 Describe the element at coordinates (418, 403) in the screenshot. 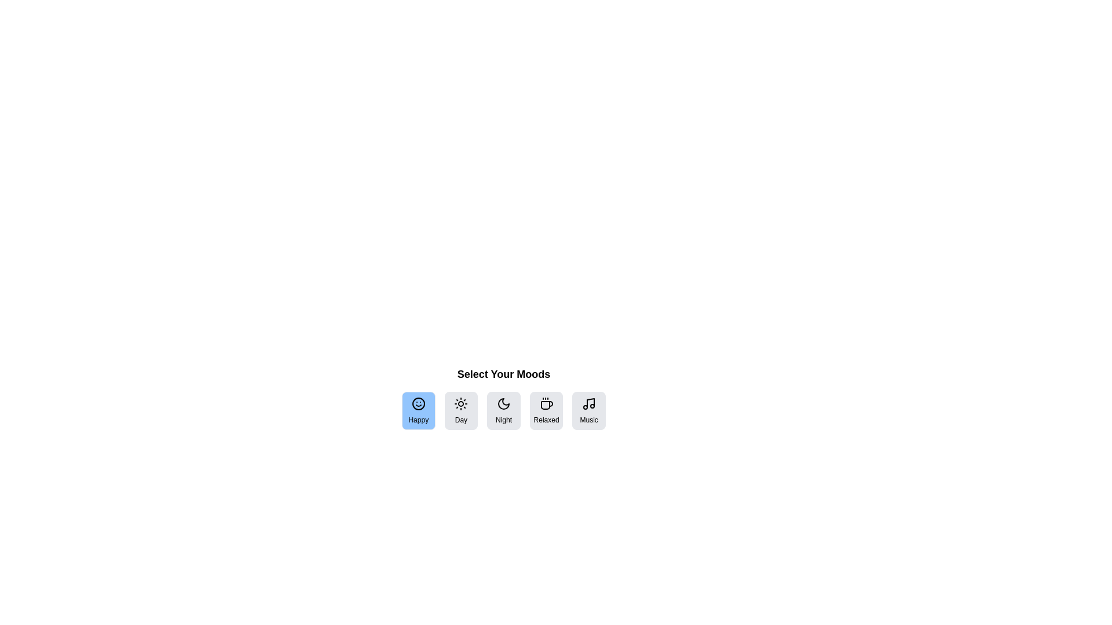

I see `the 'Happy' mood icon element, which is part of the first button in a series of five horizontally aligned mood buttons` at that location.